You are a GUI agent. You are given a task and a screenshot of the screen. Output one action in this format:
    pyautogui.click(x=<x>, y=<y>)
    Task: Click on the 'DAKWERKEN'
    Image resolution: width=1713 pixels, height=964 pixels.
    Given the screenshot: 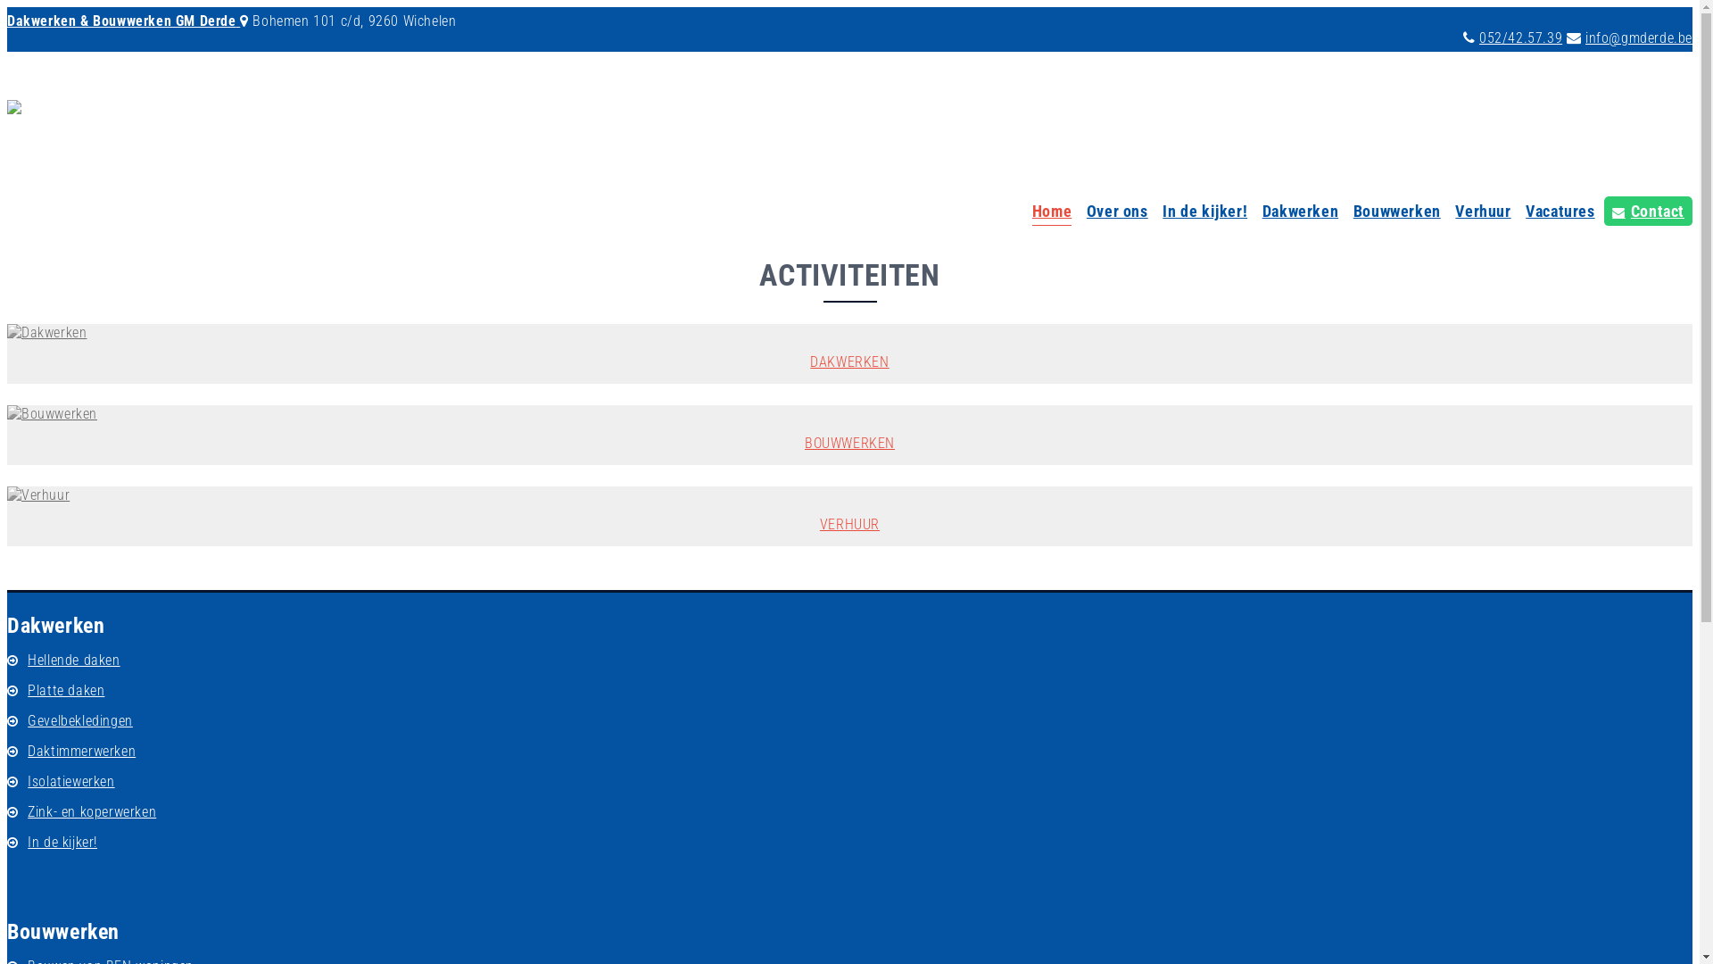 What is the action you would take?
    pyautogui.click(x=848, y=353)
    